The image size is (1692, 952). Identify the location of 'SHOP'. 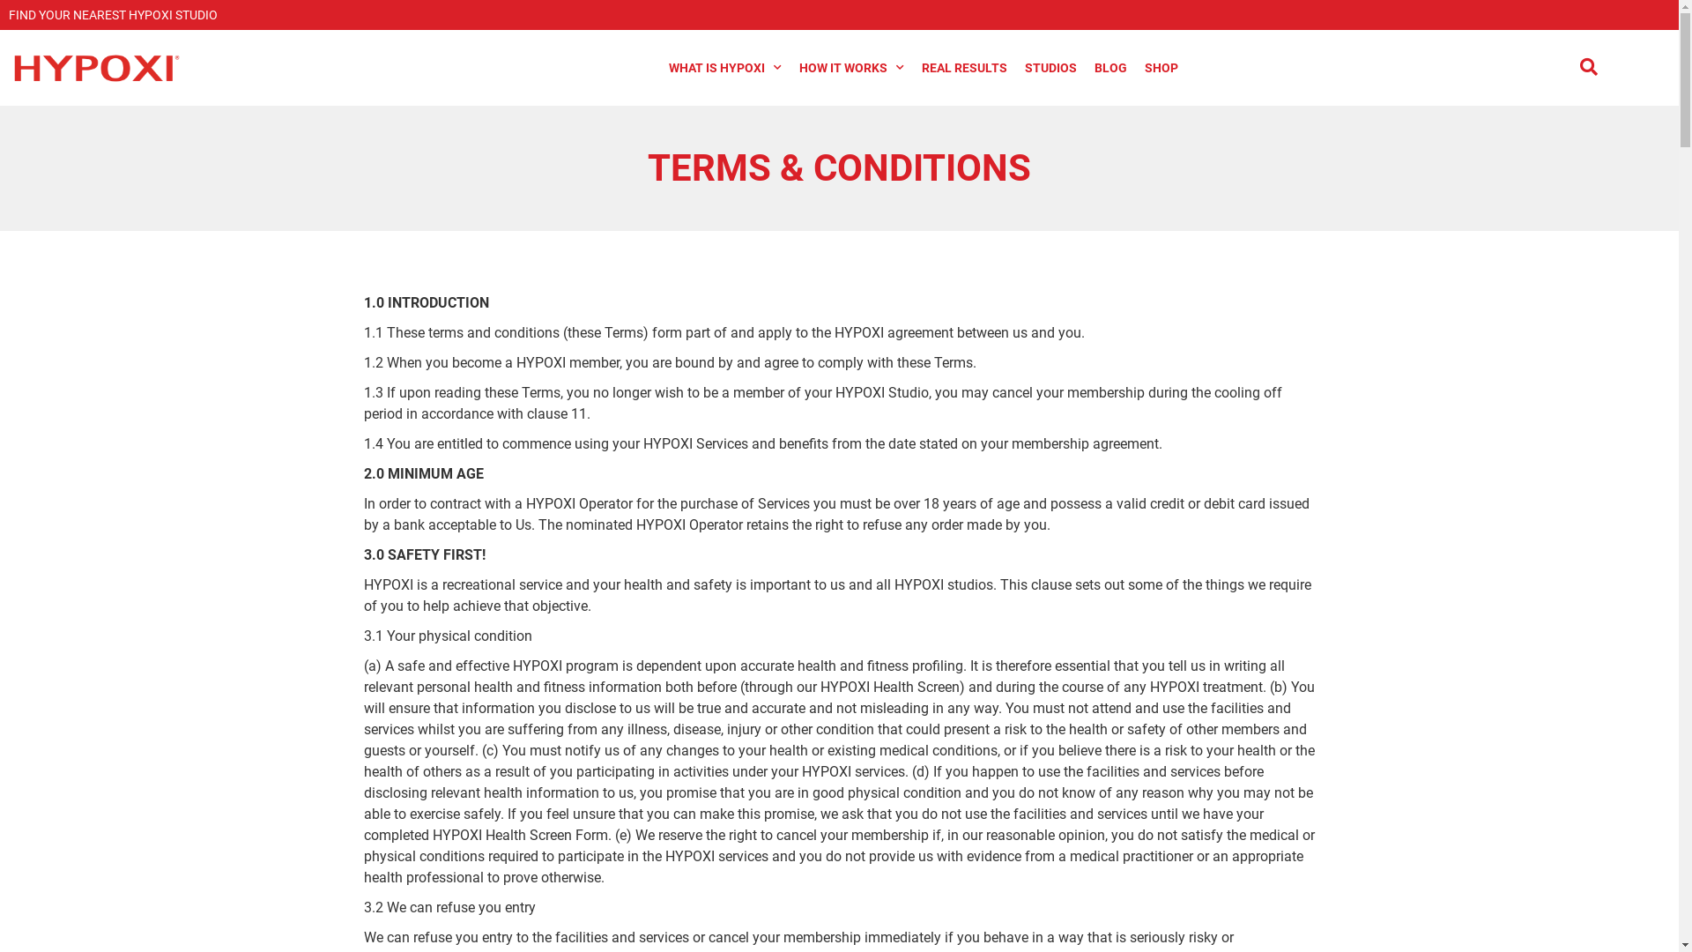
(1145, 67).